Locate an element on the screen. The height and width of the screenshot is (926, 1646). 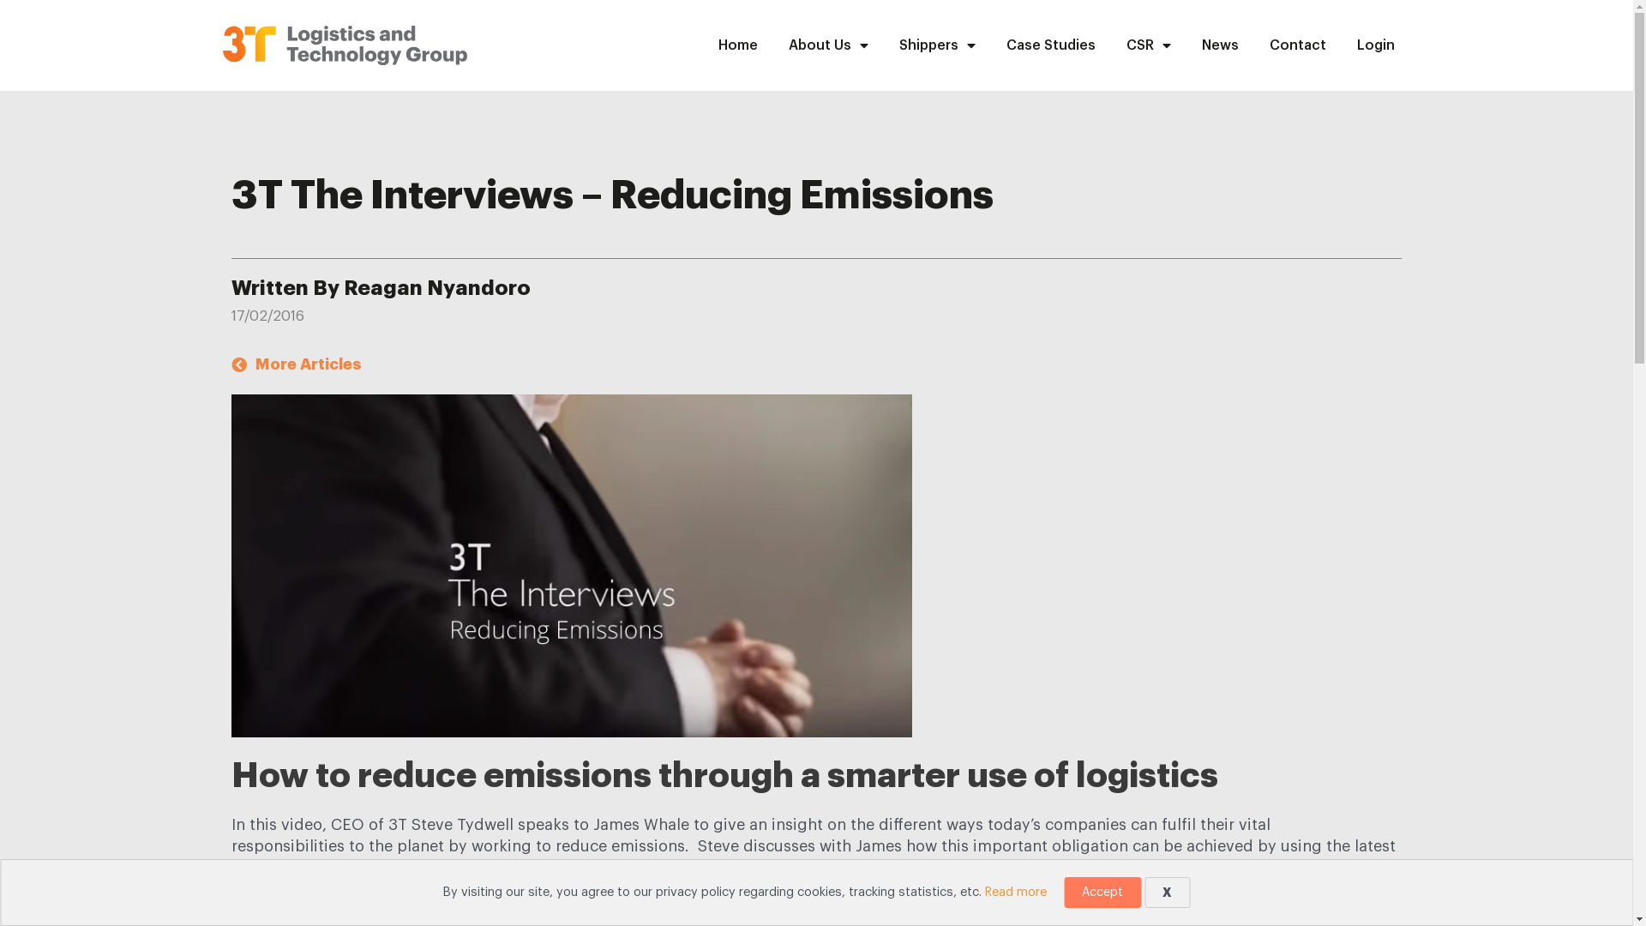
'Contact' is located at coordinates (1254, 45).